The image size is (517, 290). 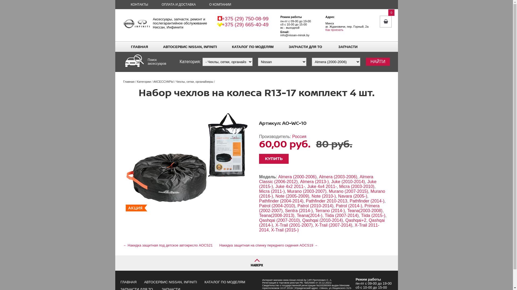 What do you see at coordinates (337, 177) in the screenshot?
I see `'Almera (2003-2006)'` at bounding box center [337, 177].